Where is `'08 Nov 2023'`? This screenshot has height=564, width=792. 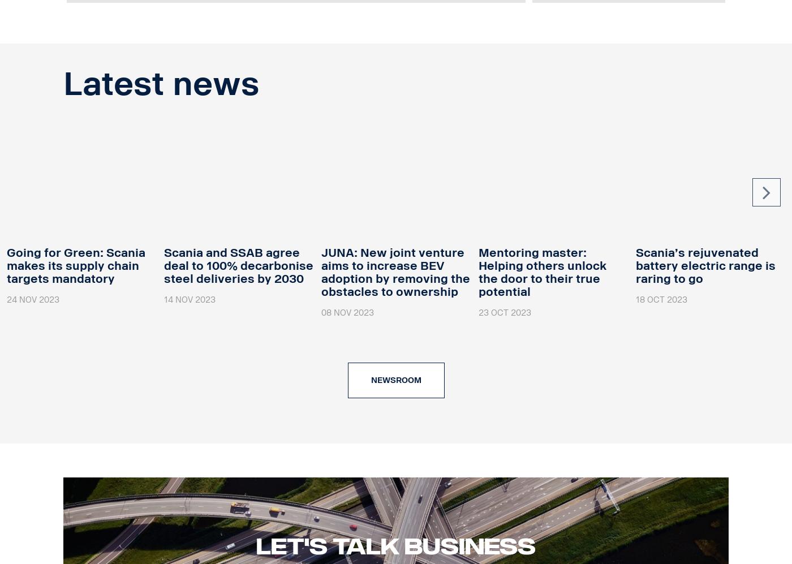 '08 Nov 2023' is located at coordinates (347, 312).